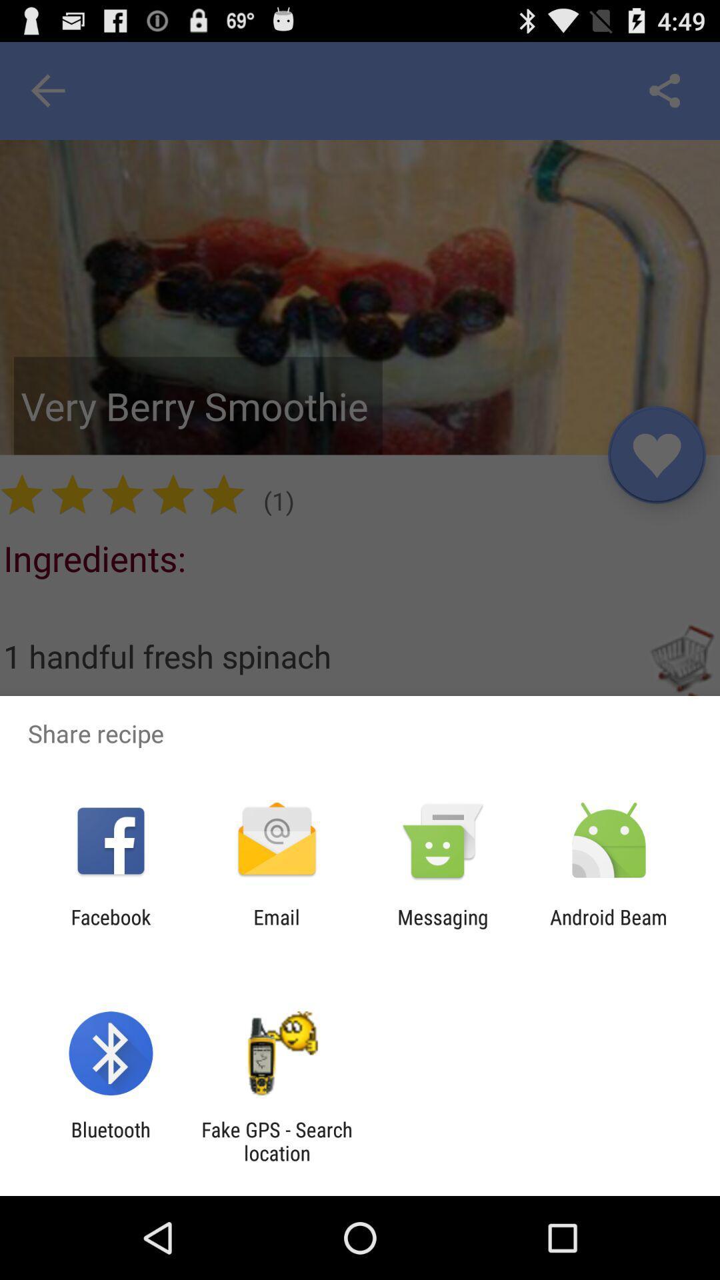  What do you see at coordinates (609, 928) in the screenshot?
I see `the android beam item` at bounding box center [609, 928].